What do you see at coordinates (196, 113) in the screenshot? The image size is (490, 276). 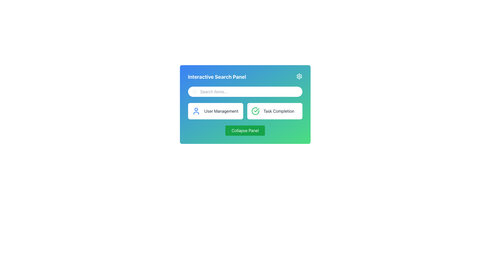 I see `the user profile icon, which is a blue outlined vector graphic located within the 'User Management' card, positioned towards the top-middle region of the card` at bounding box center [196, 113].